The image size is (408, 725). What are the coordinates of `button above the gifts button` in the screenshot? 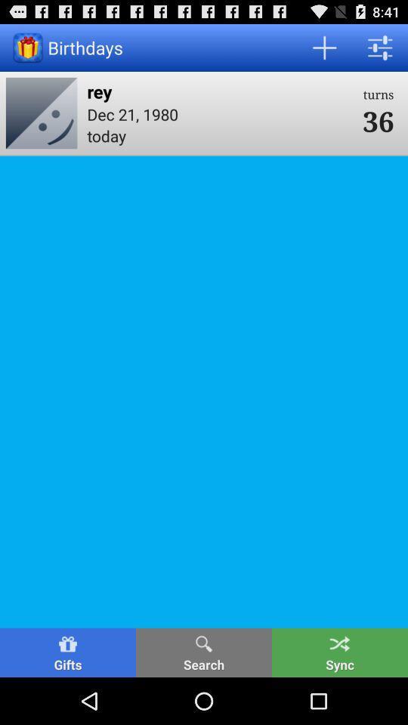 It's located at (42, 112).